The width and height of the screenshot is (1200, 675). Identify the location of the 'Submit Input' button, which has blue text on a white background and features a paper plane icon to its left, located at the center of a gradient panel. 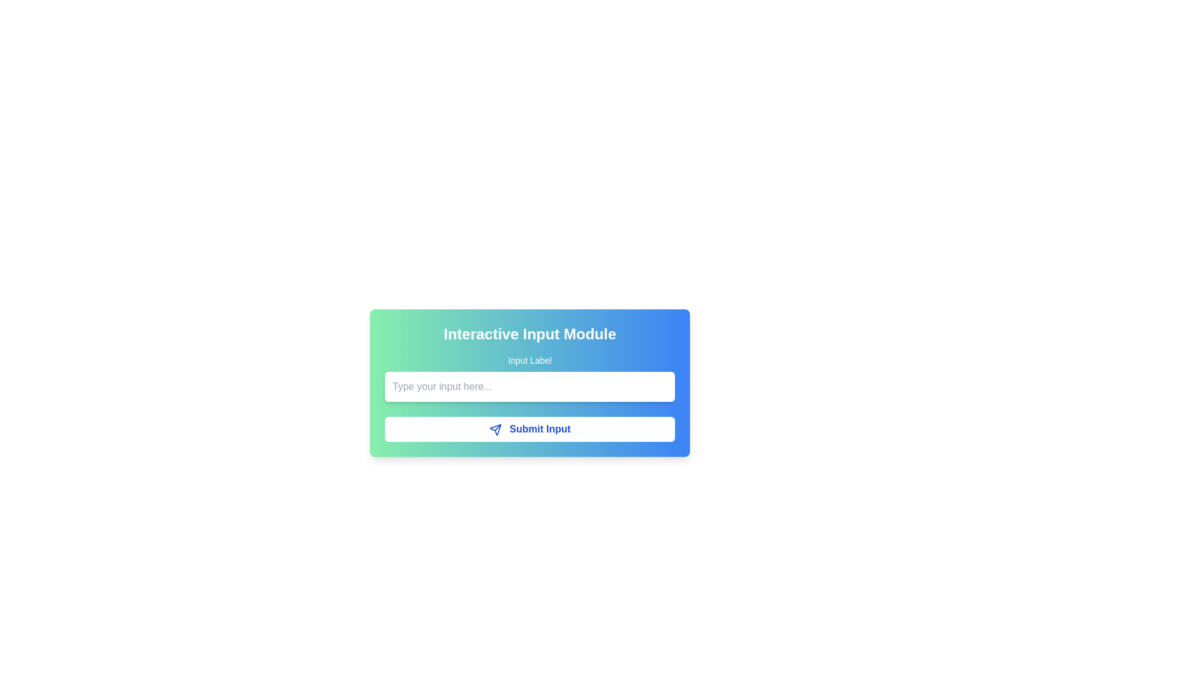
(530, 428).